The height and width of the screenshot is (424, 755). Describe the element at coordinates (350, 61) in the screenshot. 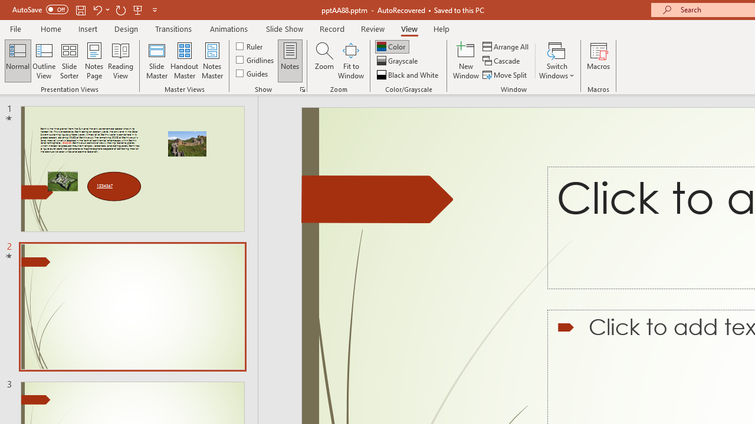

I see `'Fit to Window'` at that location.